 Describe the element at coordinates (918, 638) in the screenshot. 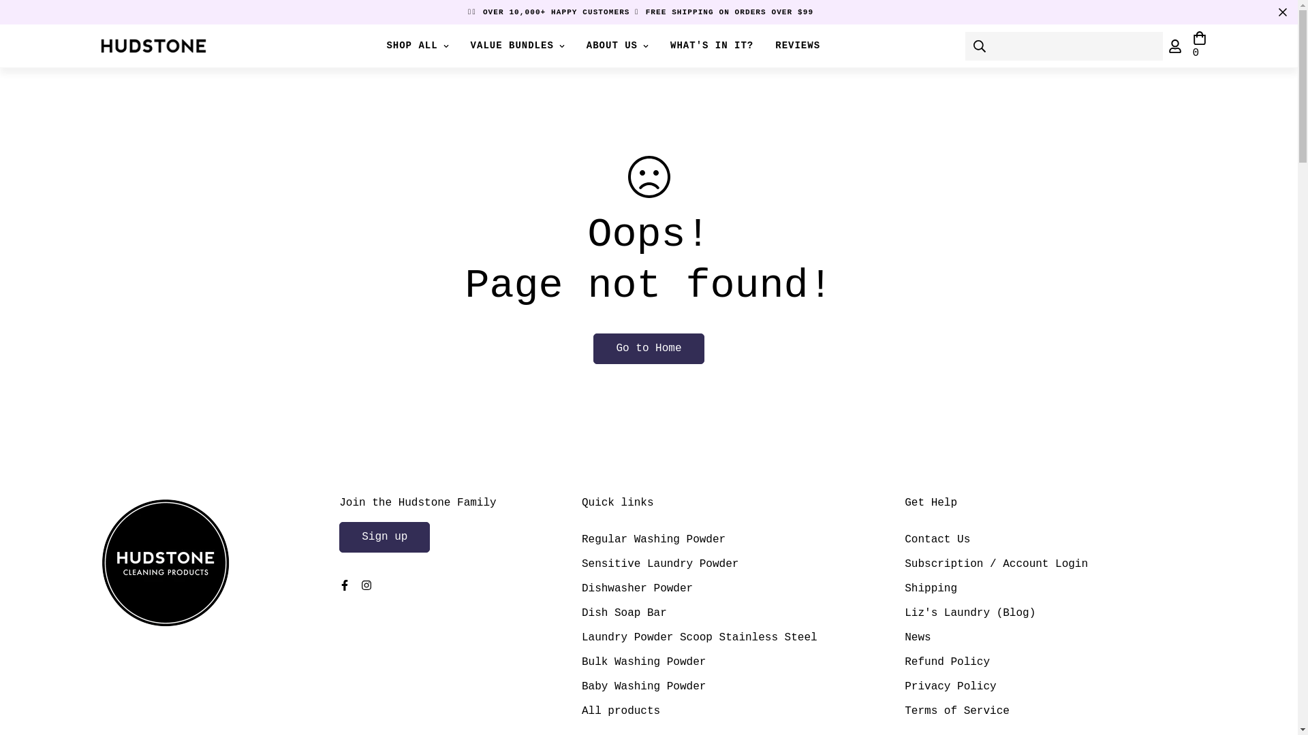

I see `'News'` at that location.